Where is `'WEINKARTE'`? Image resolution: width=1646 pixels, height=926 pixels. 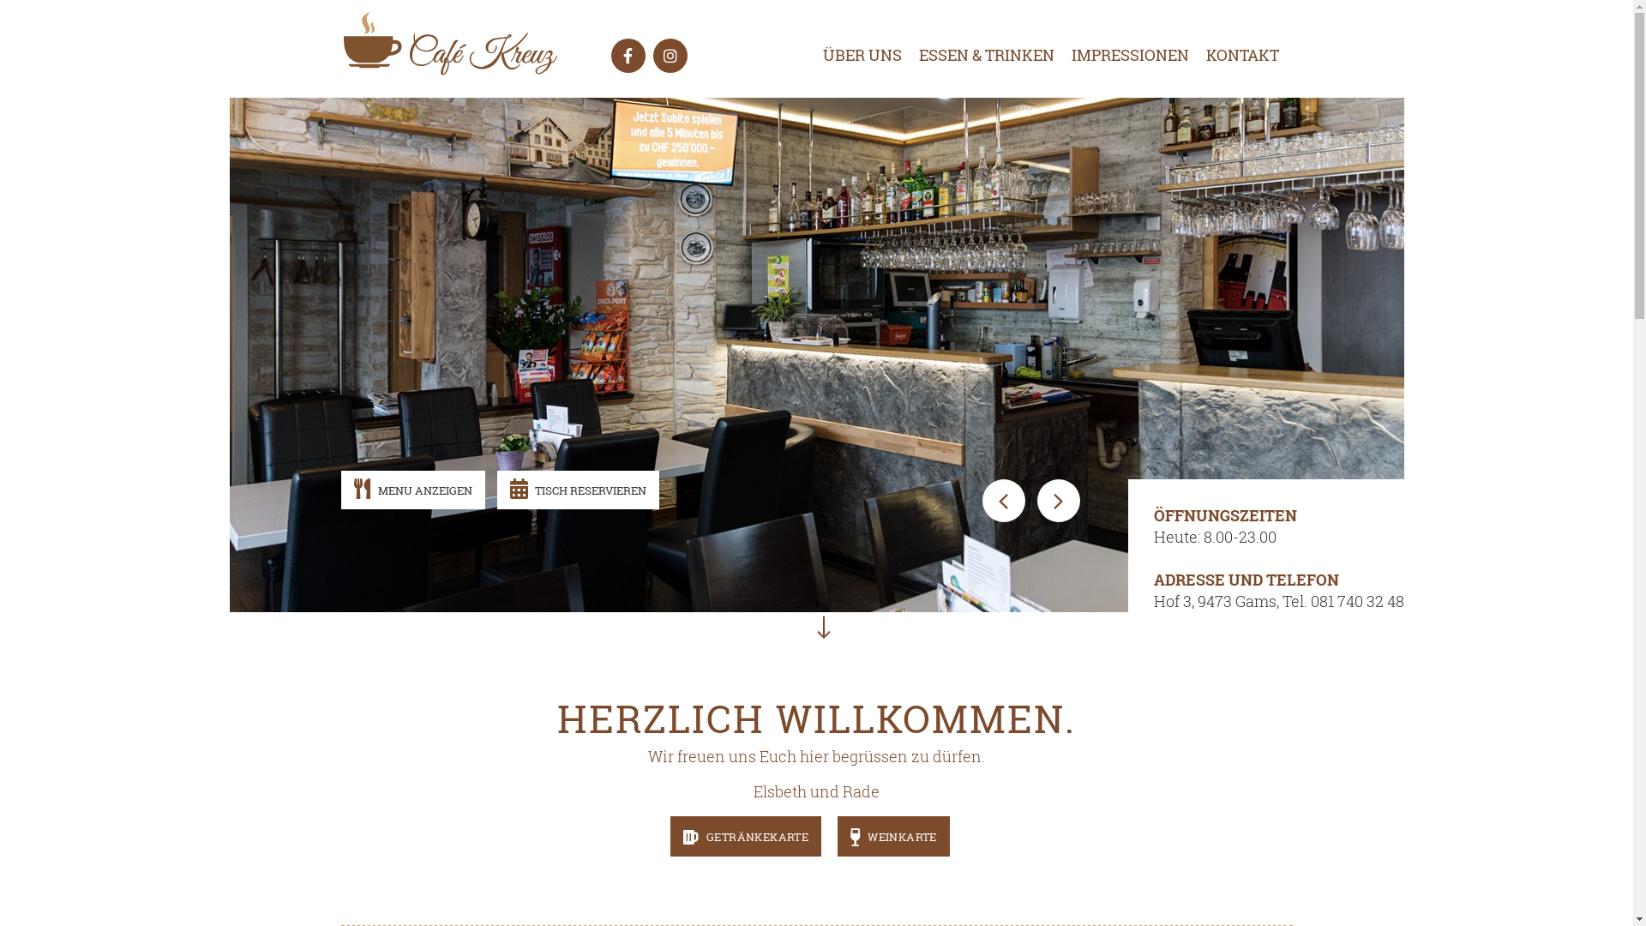 'WEINKARTE' is located at coordinates (892, 835).